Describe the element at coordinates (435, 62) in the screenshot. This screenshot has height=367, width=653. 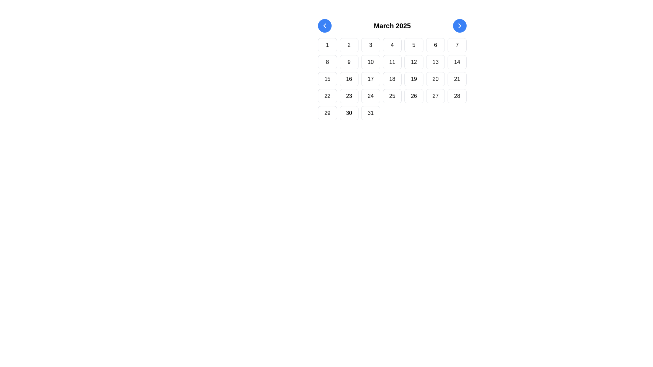
I see `the button representing the 13th day in the calendar view` at that location.